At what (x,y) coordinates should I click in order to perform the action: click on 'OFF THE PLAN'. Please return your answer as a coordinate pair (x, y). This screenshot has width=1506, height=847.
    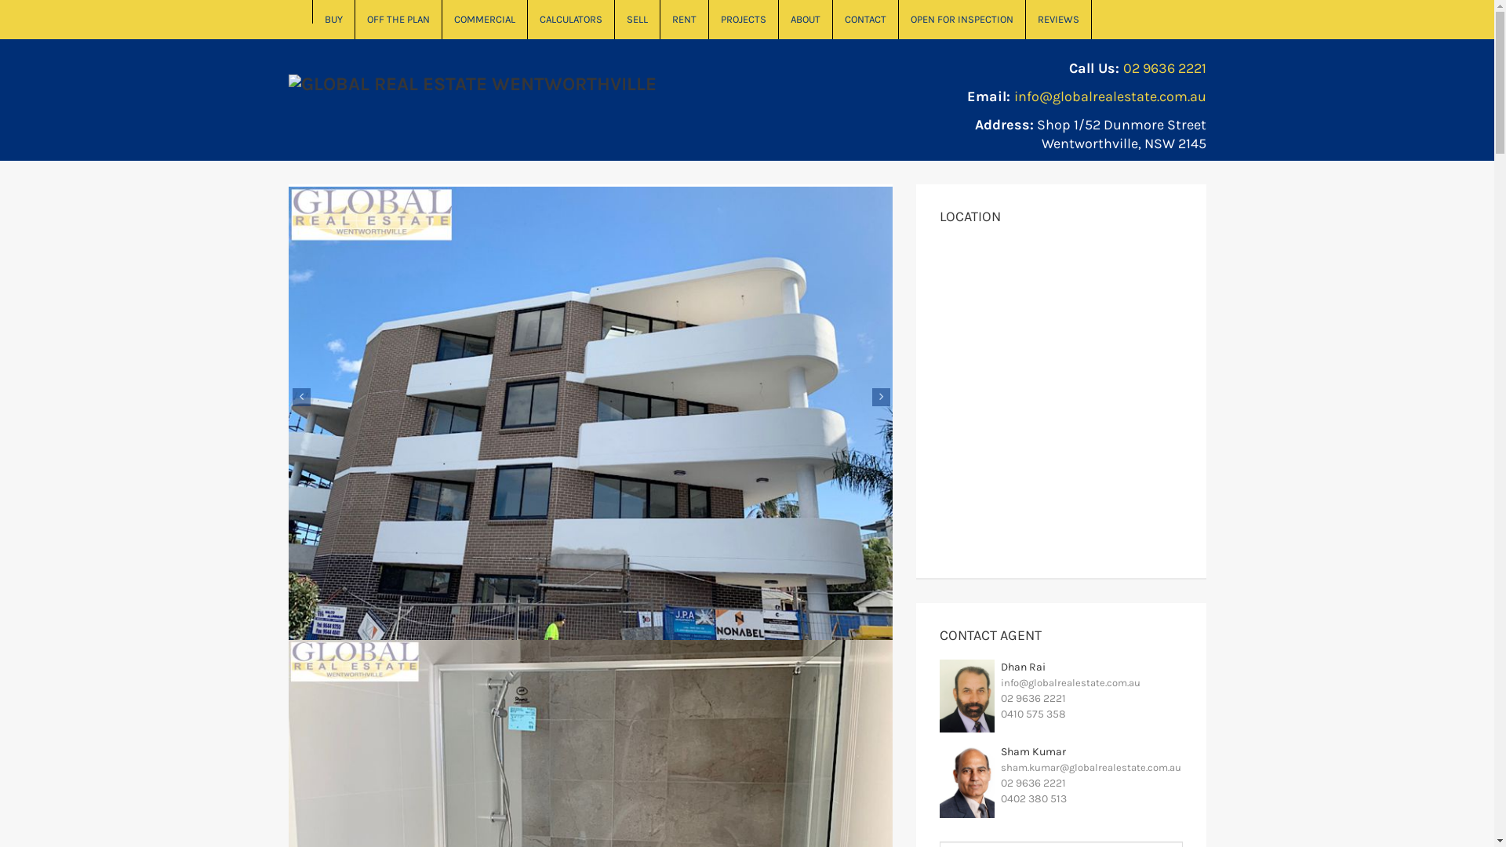
    Looking at the image, I should click on (398, 19).